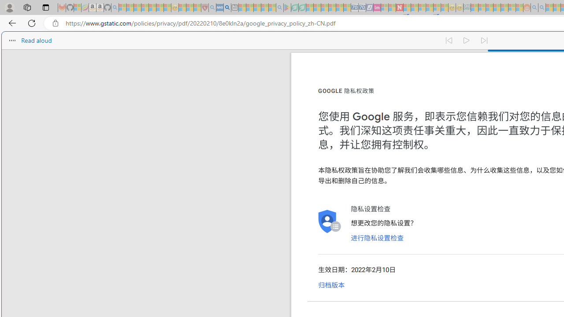 The height and width of the screenshot is (317, 564). What do you see at coordinates (497, 7) in the screenshot?
I see `'Expert Portfolios - Sleeping'` at bounding box center [497, 7].